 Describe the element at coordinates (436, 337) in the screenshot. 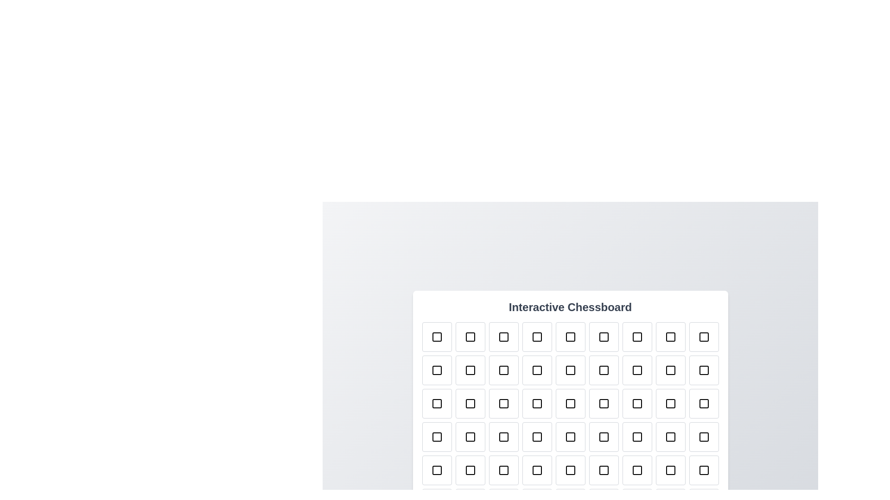

I see `the selected cell to deselect it` at that location.